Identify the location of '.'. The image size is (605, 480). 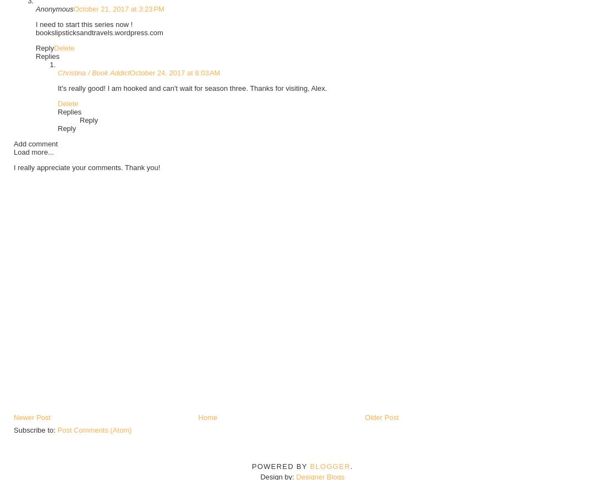
(351, 466).